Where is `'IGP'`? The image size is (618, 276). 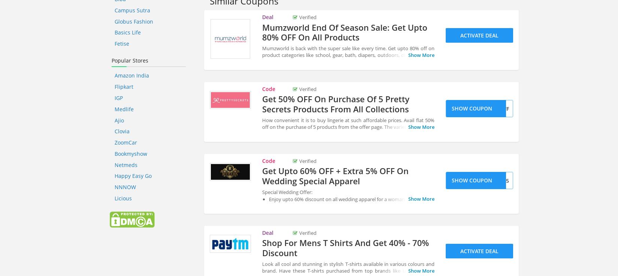
'IGP' is located at coordinates (118, 97).